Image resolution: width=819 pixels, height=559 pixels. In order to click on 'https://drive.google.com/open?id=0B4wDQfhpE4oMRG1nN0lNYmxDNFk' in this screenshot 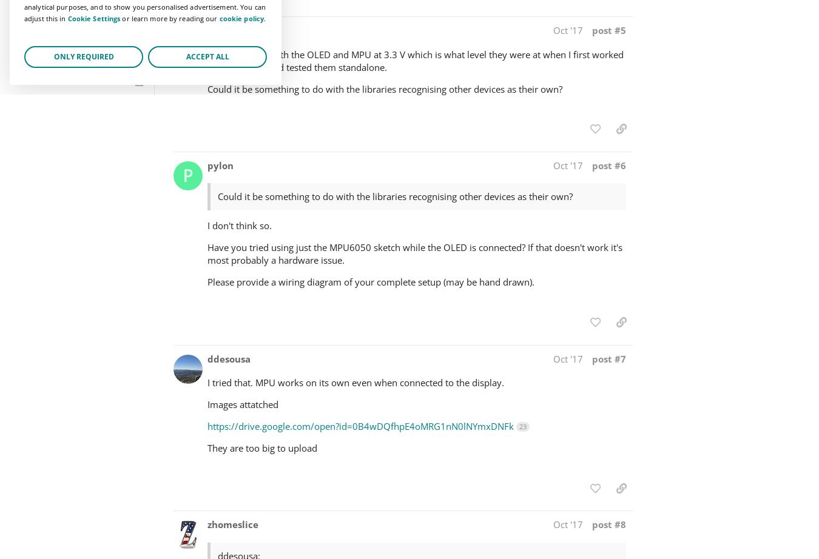, I will do `click(360, 426)`.